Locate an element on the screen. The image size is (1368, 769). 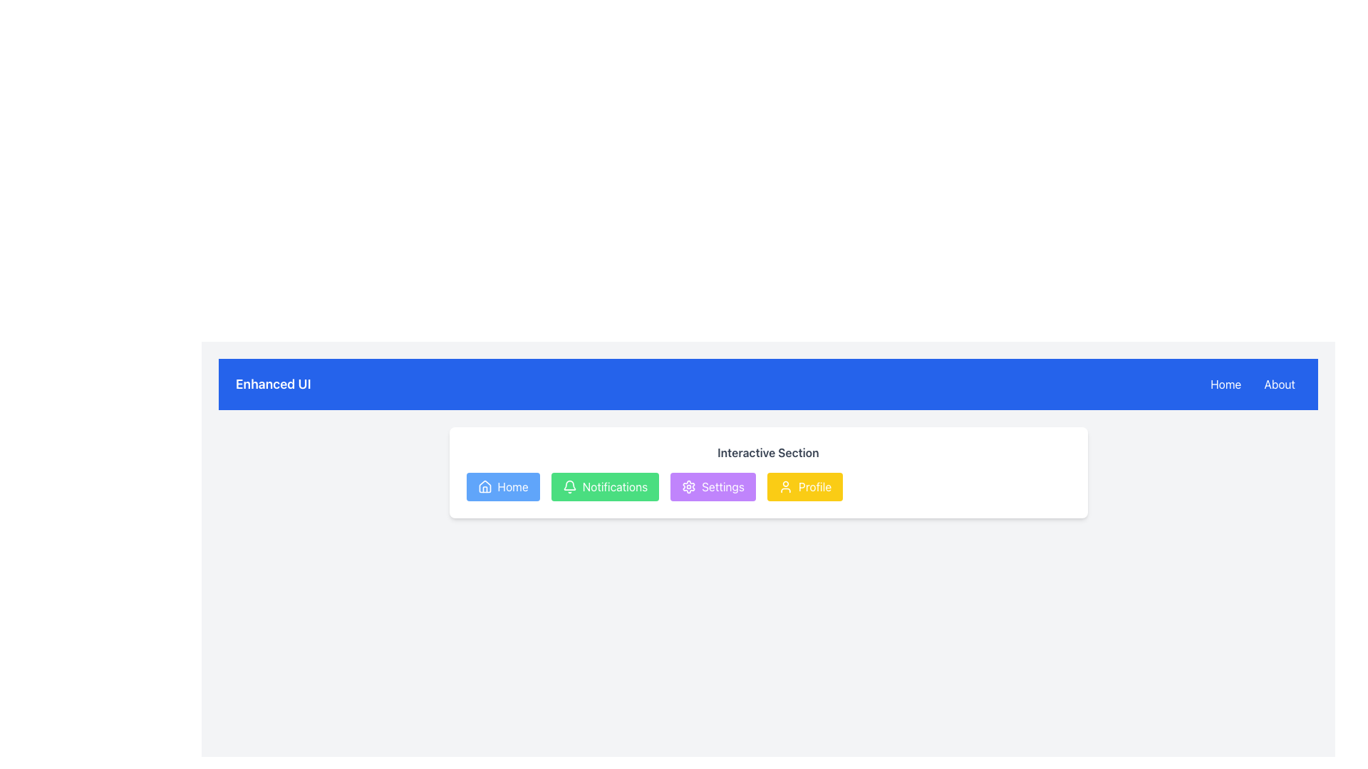
the branding label located in the top-left corner of the blue header bar, adjacent to the header's margin is located at coordinates (273, 384).